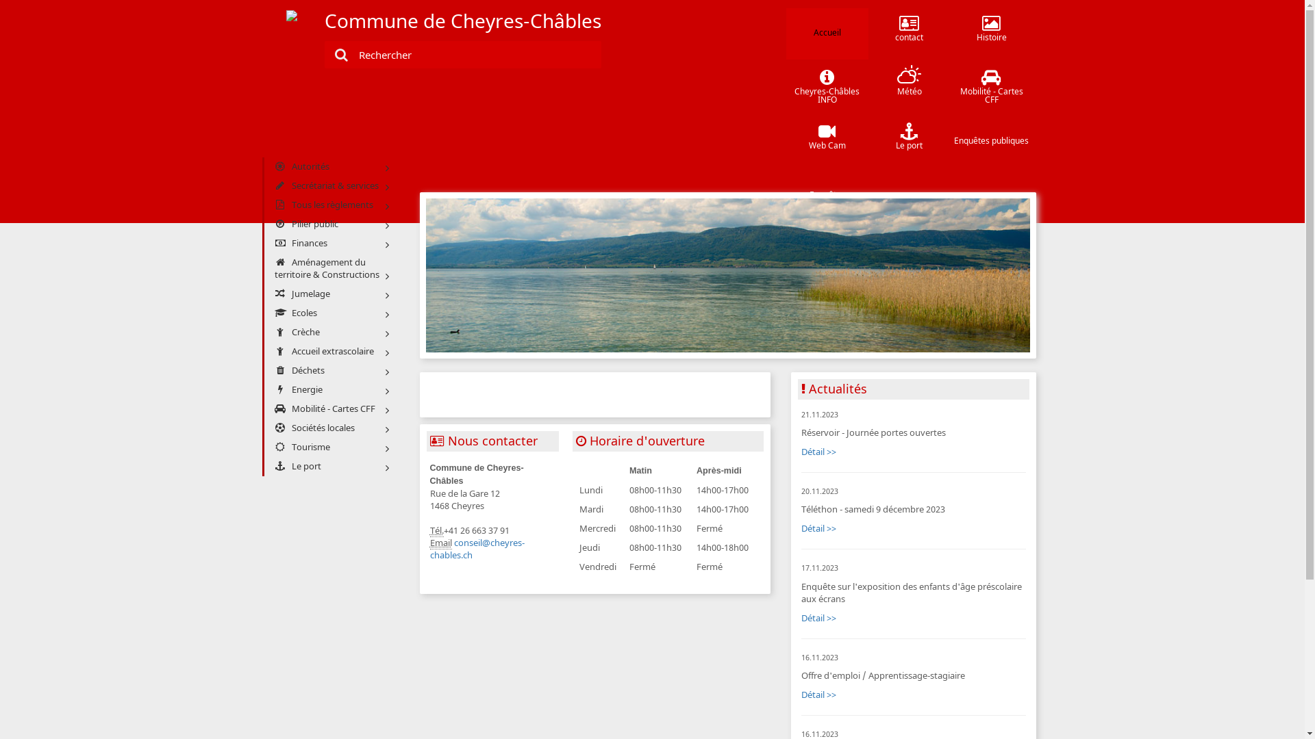 The width and height of the screenshot is (1315, 739). What do you see at coordinates (329, 242) in the screenshot?
I see `'Finances'` at bounding box center [329, 242].